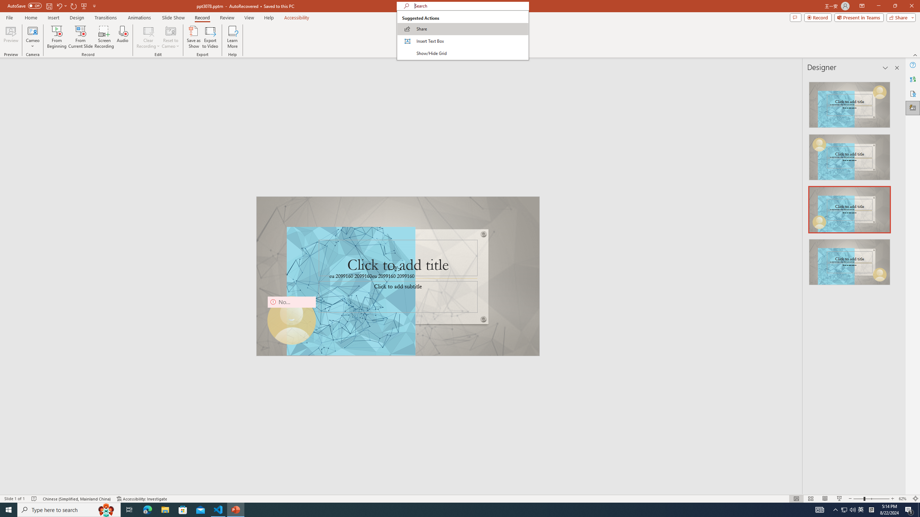 The image size is (920, 517). I want to click on 'Class: NetUITWMenuContainer', so click(463, 35).